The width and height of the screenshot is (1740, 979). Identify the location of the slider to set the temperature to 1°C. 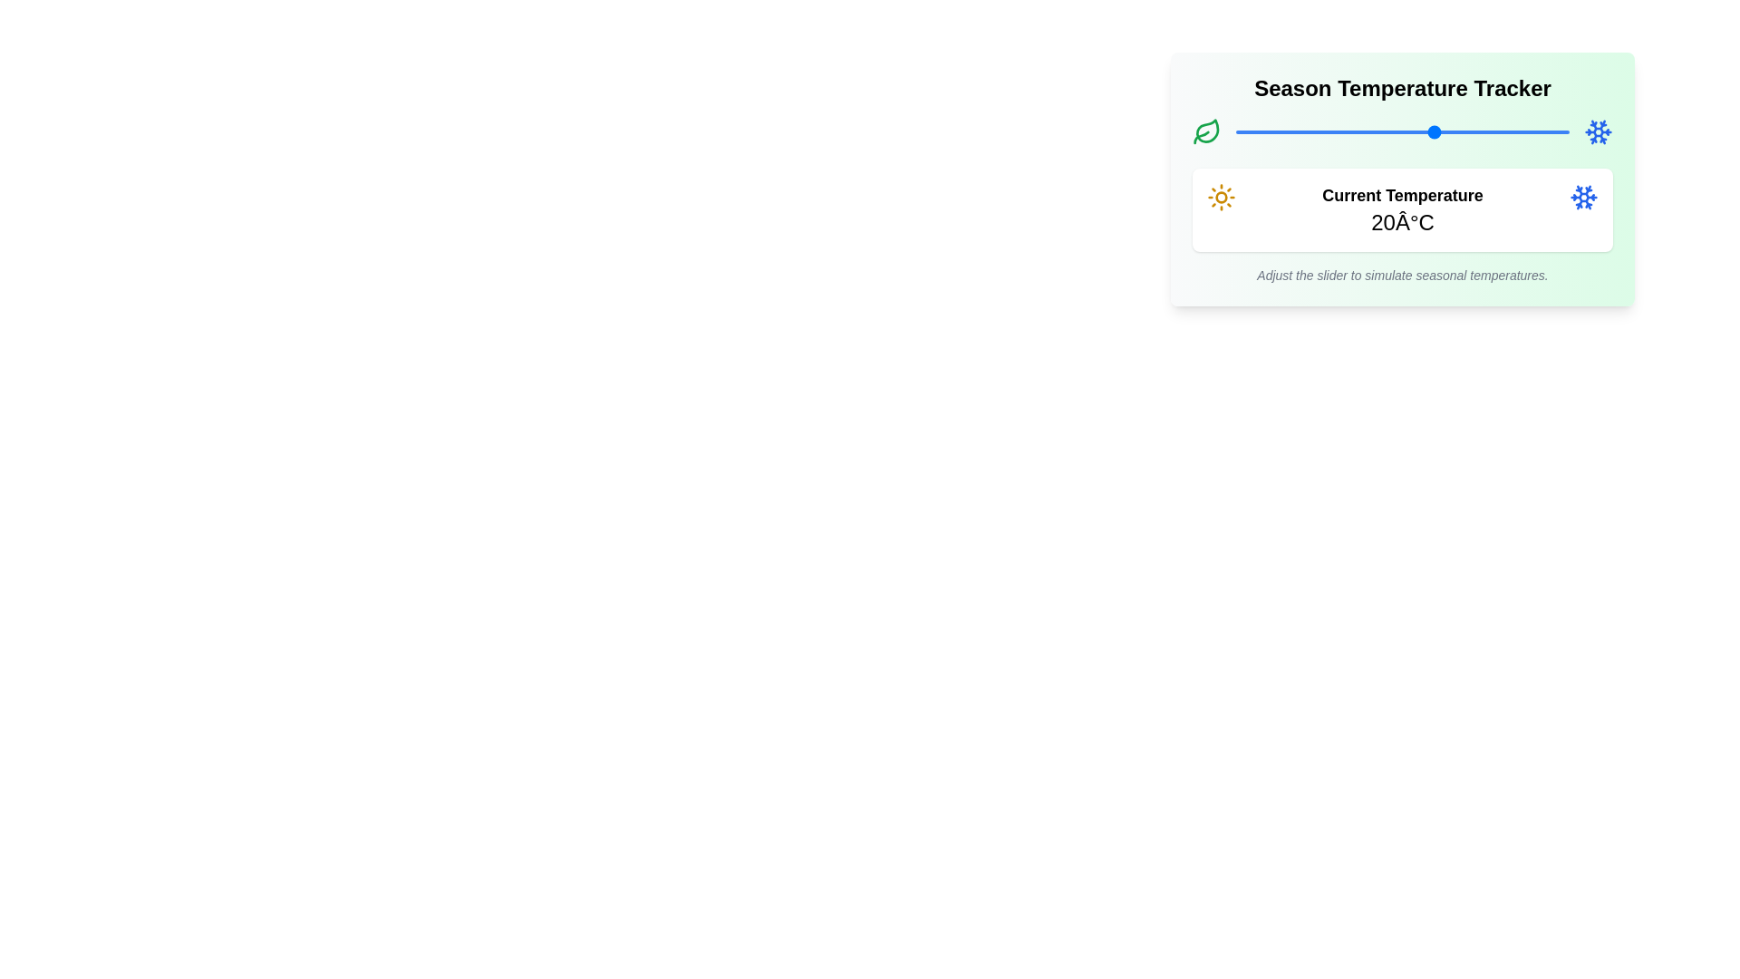
(1309, 131).